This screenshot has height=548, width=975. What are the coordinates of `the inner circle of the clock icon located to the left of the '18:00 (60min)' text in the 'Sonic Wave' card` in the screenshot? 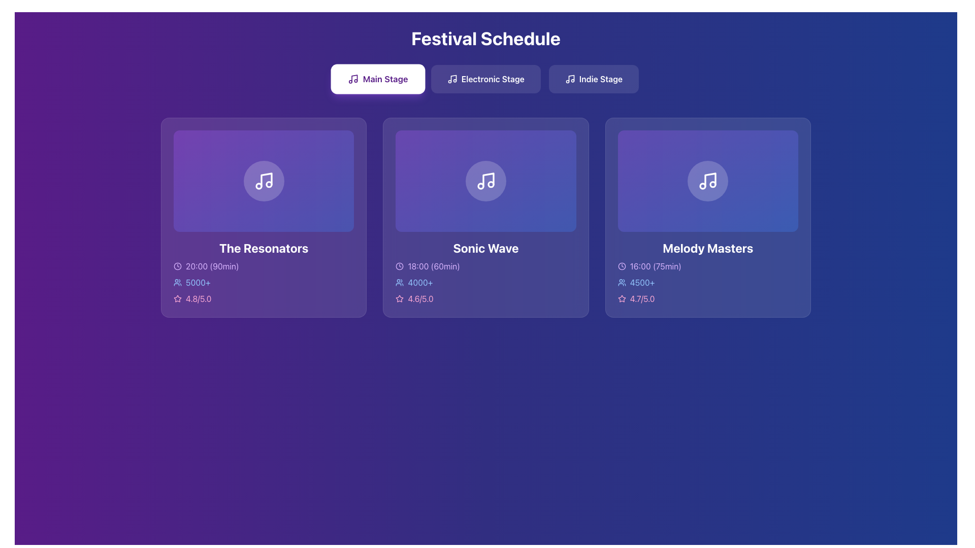 It's located at (399, 265).